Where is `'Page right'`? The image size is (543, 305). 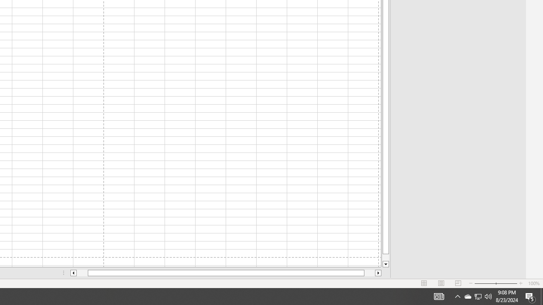
'Page right' is located at coordinates (369, 273).